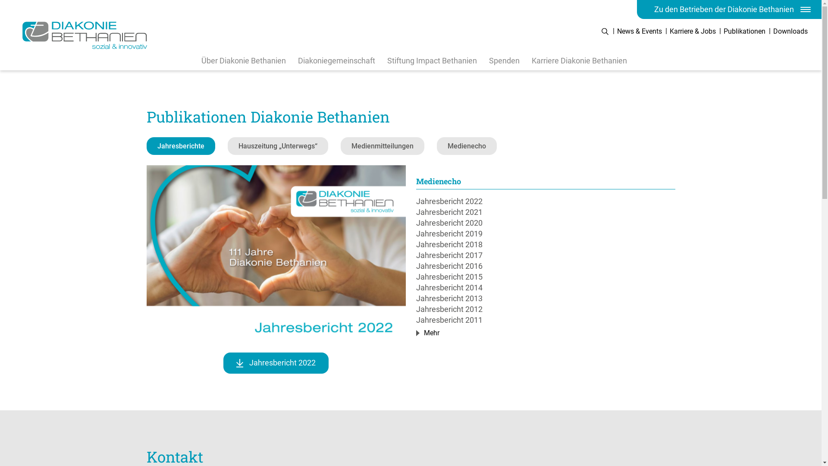 Image resolution: width=828 pixels, height=466 pixels. Describe the element at coordinates (430, 332) in the screenshot. I see `'Mehr'` at that location.